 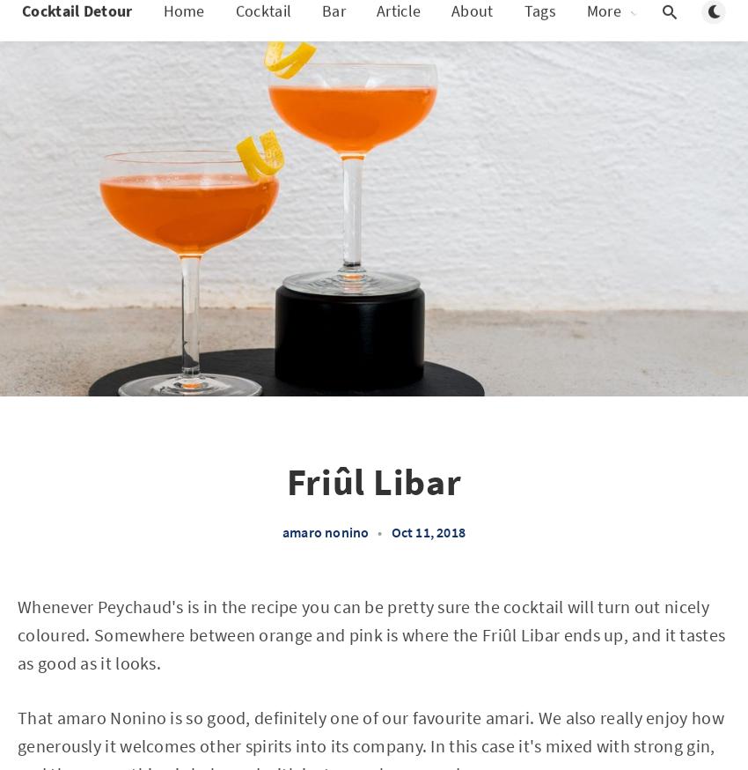 What do you see at coordinates (603, 27) in the screenshot?
I see `'More'` at bounding box center [603, 27].